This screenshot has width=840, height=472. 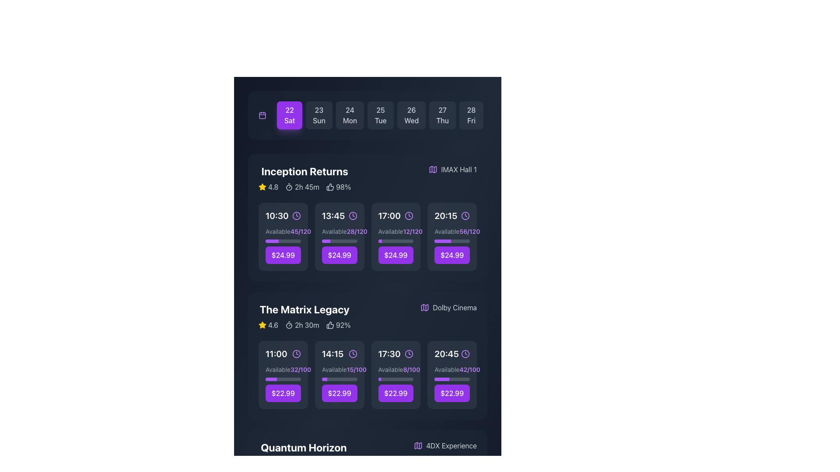 What do you see at coordinates (357, 231) in the screenshot?
I see `text '28/120' which indicates the current and total availability for the time slot '13:45' in the 'Inception Returns' section, positioned to the right of the 'Available' text` at bounding box center [357, 231].